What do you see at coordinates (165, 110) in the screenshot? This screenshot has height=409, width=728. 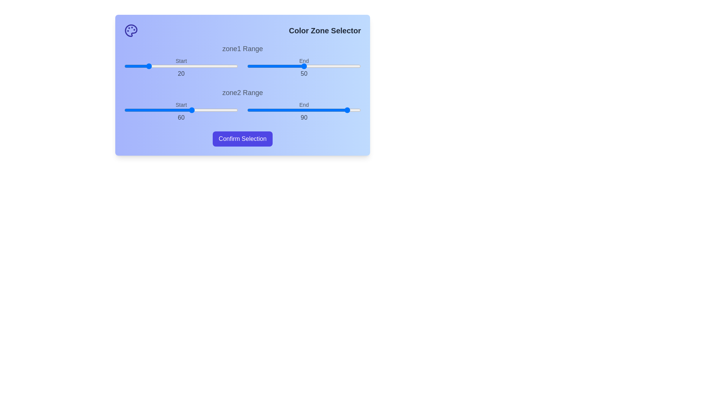 I see `the start range slider for zone2 to 36` at bounding box center [165, 110].